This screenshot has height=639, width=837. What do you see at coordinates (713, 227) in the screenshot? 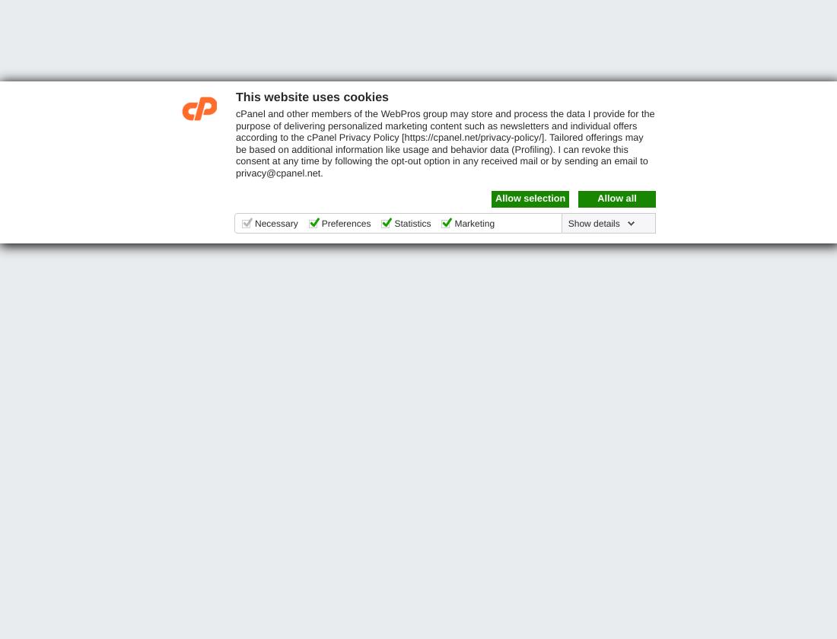
I see `'Build for cPanel'` at bounding box center [713, 227].